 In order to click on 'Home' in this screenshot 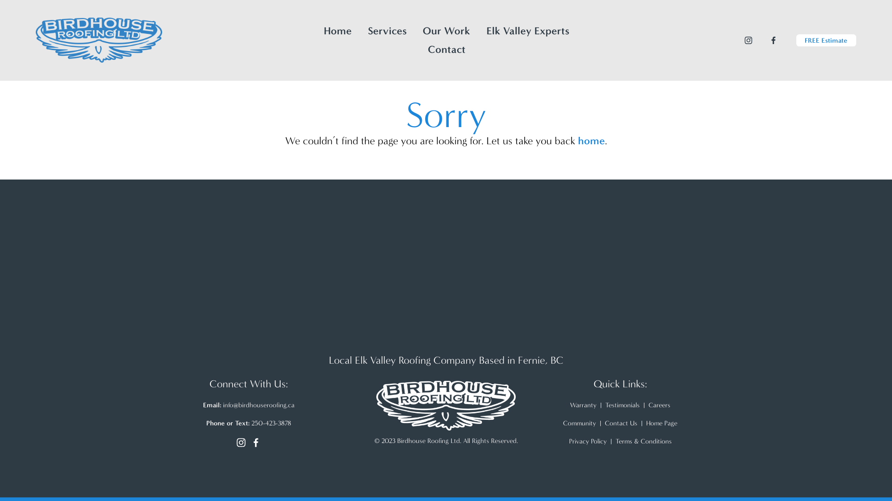, I will do `click(323, 30)`.